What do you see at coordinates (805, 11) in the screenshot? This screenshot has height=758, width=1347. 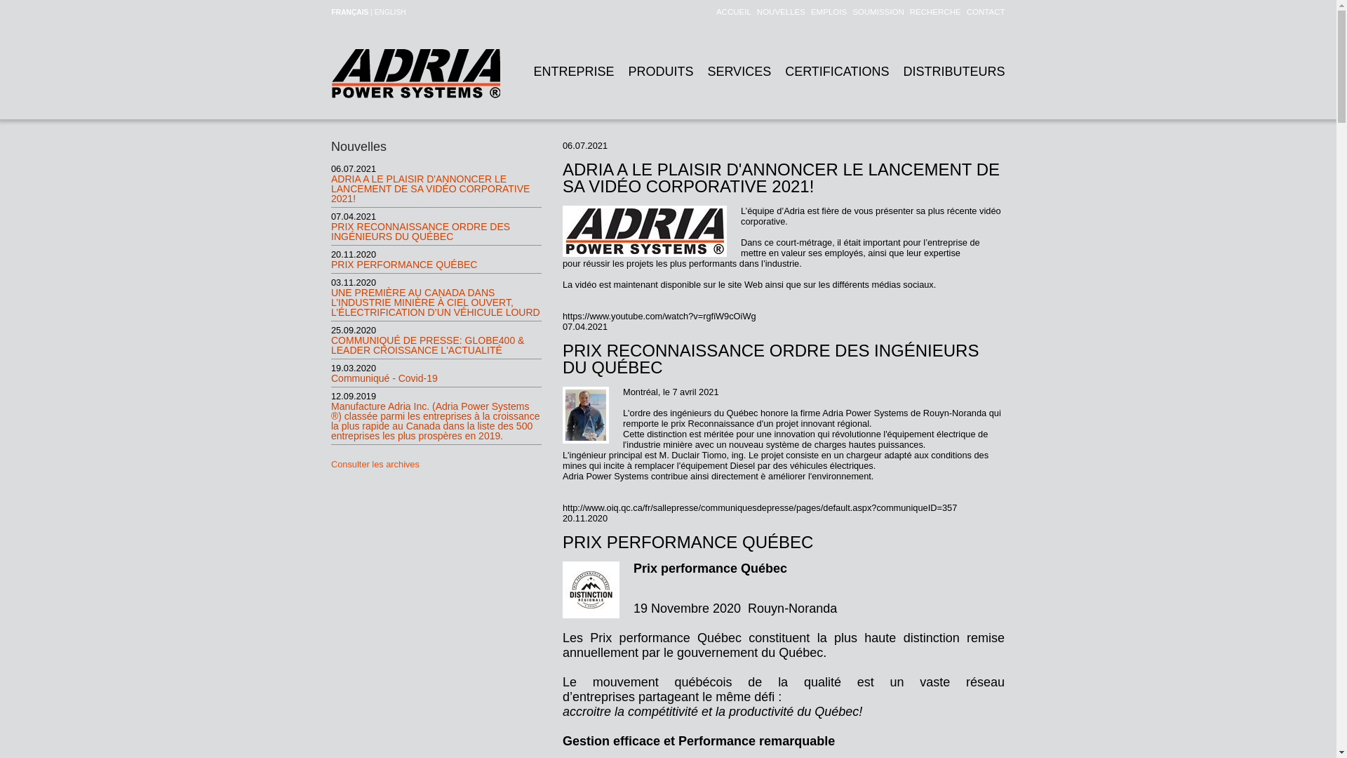 I see `'EMPLOIS'` at bounding box center [805, 11].